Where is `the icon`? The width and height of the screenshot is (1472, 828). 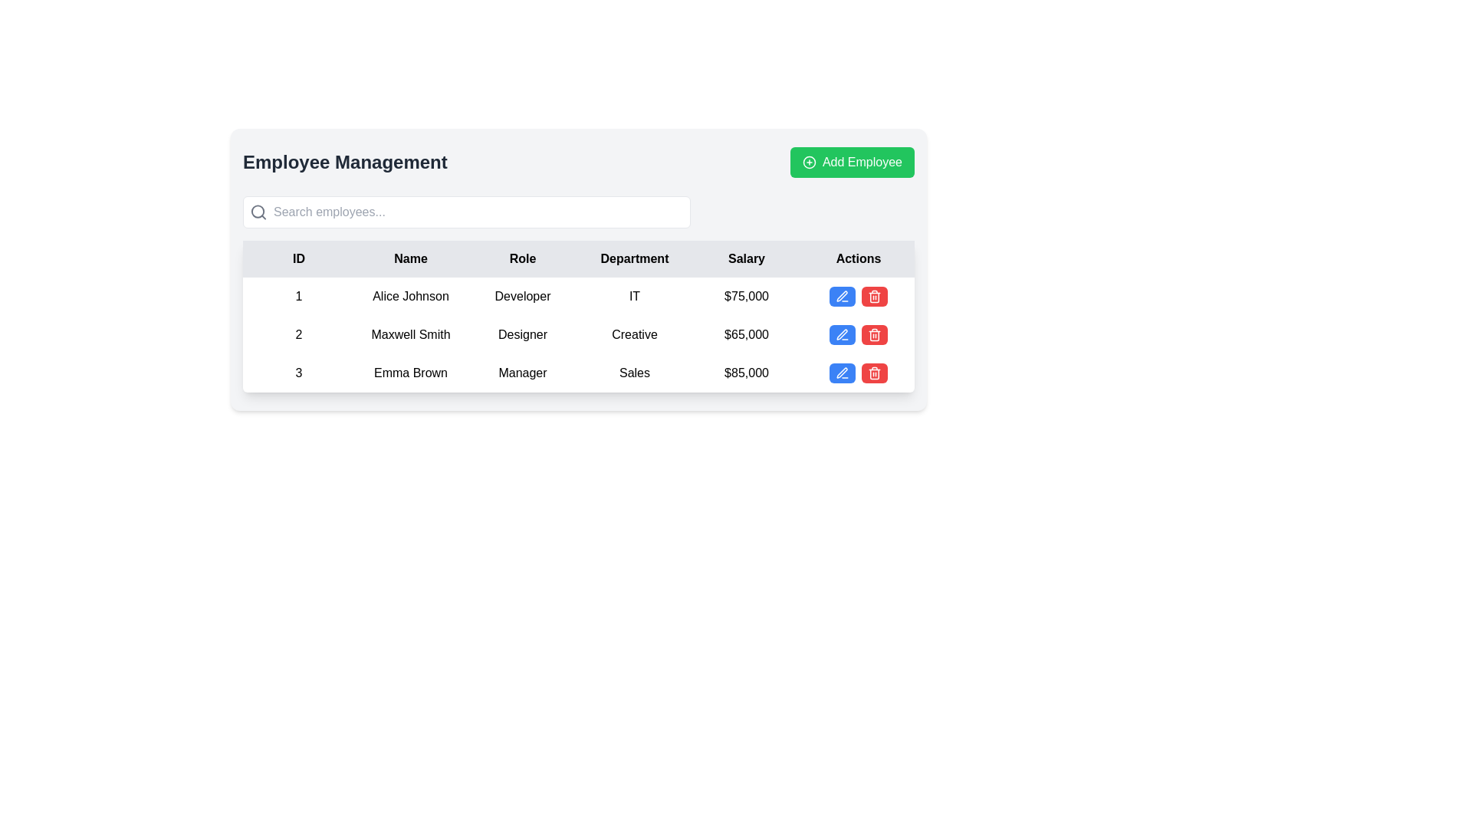
the icon is located at coordinates (842, 333).